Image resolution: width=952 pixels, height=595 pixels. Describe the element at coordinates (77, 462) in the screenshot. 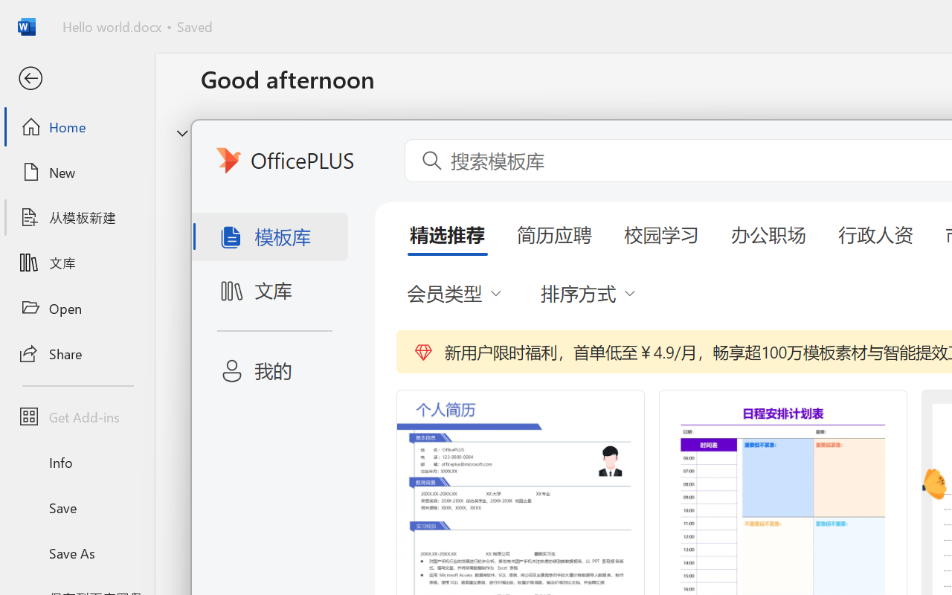

I see `'Info'` at that location.